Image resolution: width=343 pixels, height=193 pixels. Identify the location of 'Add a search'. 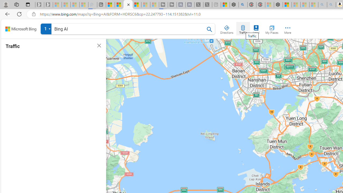
(129, 29).